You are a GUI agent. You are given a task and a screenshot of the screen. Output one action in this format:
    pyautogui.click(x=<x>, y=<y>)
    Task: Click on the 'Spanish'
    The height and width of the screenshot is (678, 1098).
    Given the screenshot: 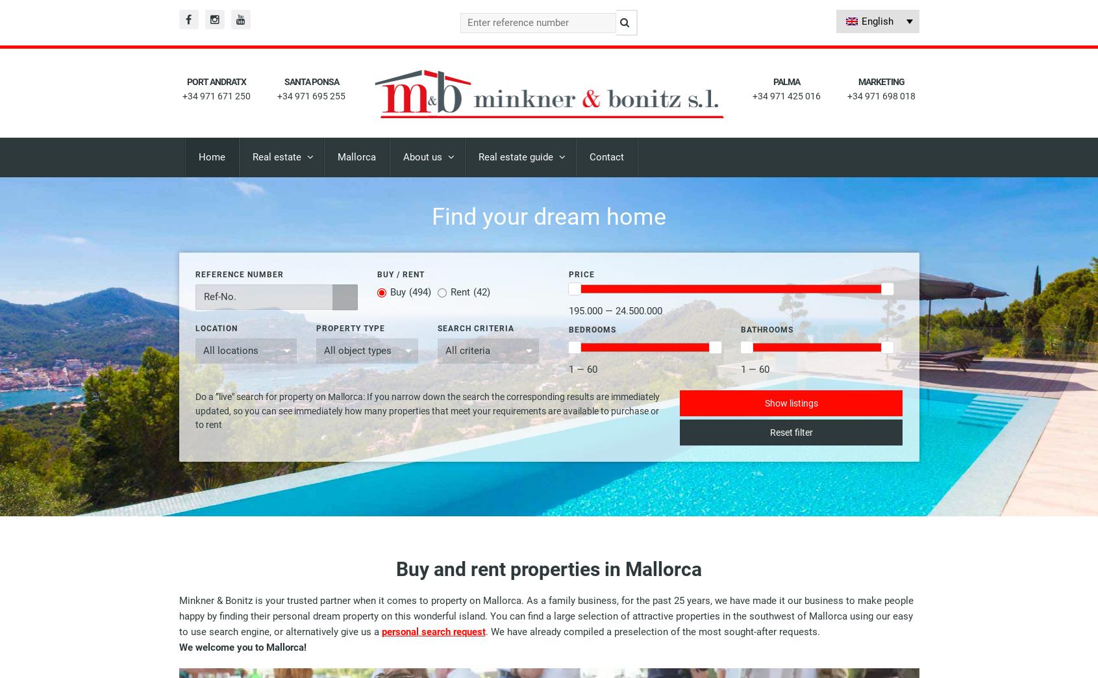 What is the action you would take?
    pyautogui.click(x=875, y=58)
    